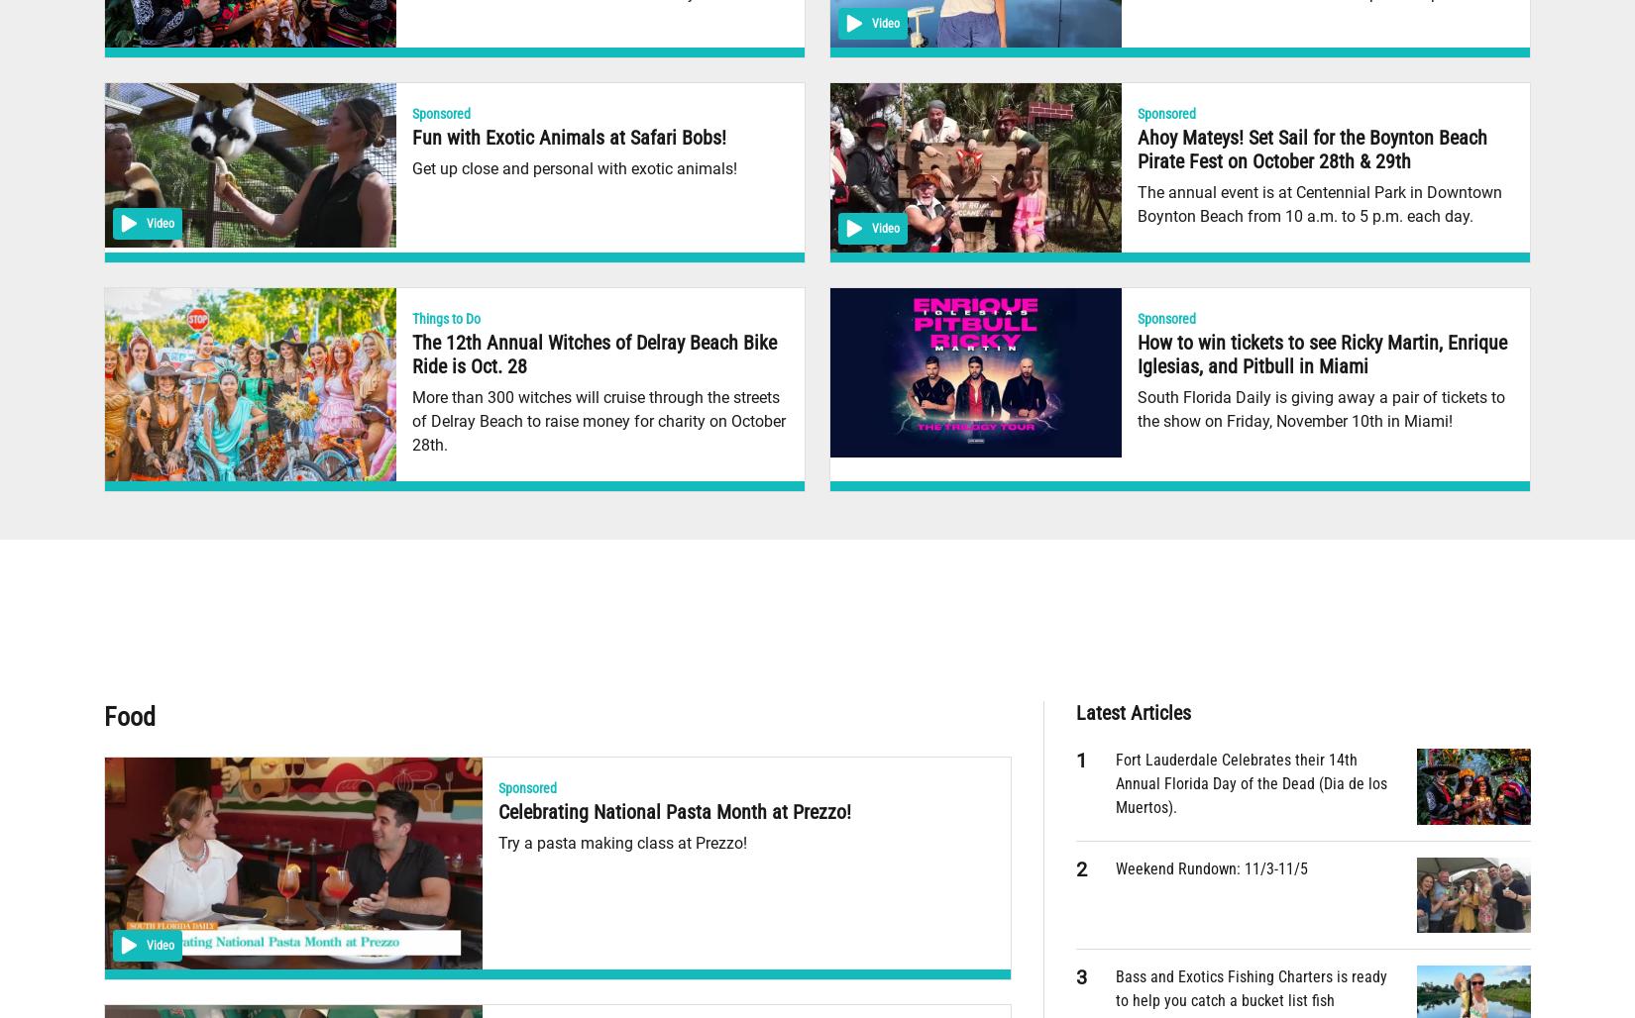 Image resolution: width=1635 pixels, height=1018 pixels. I want to click on 'Fort Lauderdale Celebrates their 14th Annual Florida Day of the Dead (Dia de los Muertos).', so click(1115, 783).